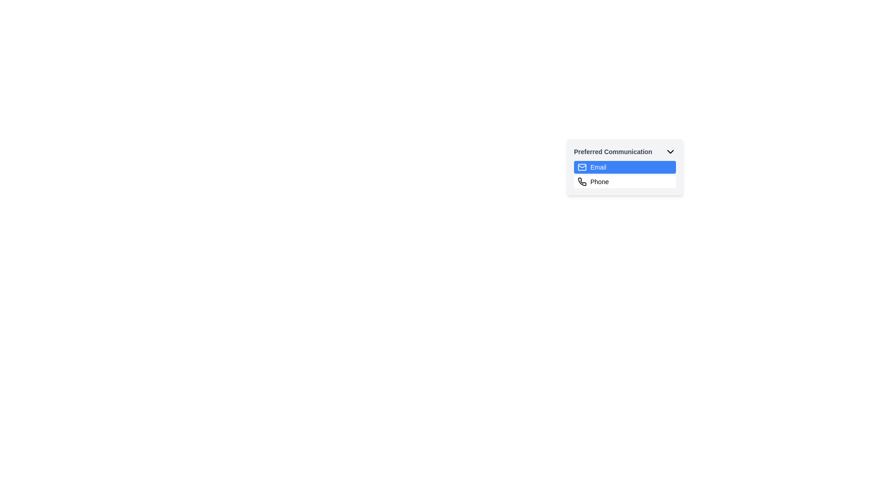 The width and height of the screenshot is (874, 491). Describe the element at coordinates (598, 167) in the screenshot. I see `'Email' label located within the blue rounded rectangular button in the dropdown menu under the 'Preferred Communication' section` at that location.